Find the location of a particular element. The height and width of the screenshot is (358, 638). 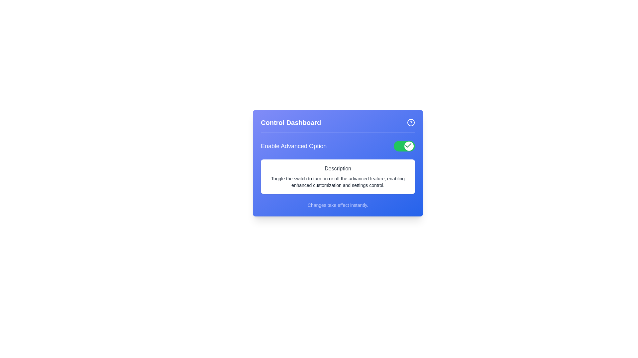

the toggle switch located in the blue panel labeled 'Control Dashboard' is located at coordinates (338, 146).